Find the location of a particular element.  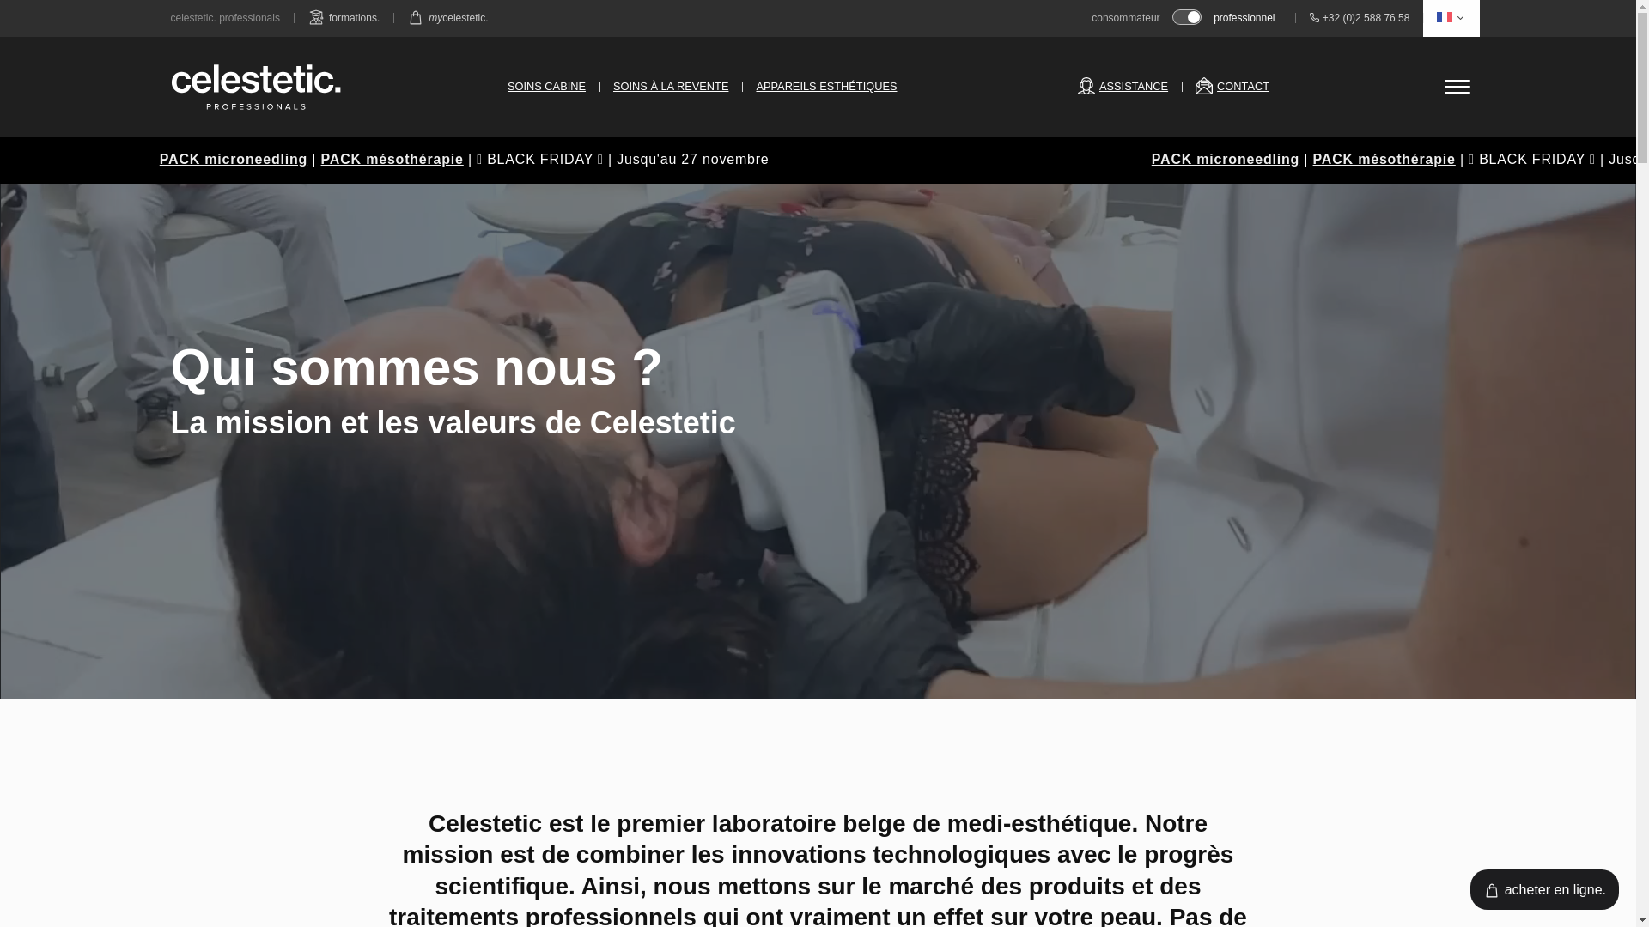

'acheter en ligne.' is located at coordinates (1469, 888).